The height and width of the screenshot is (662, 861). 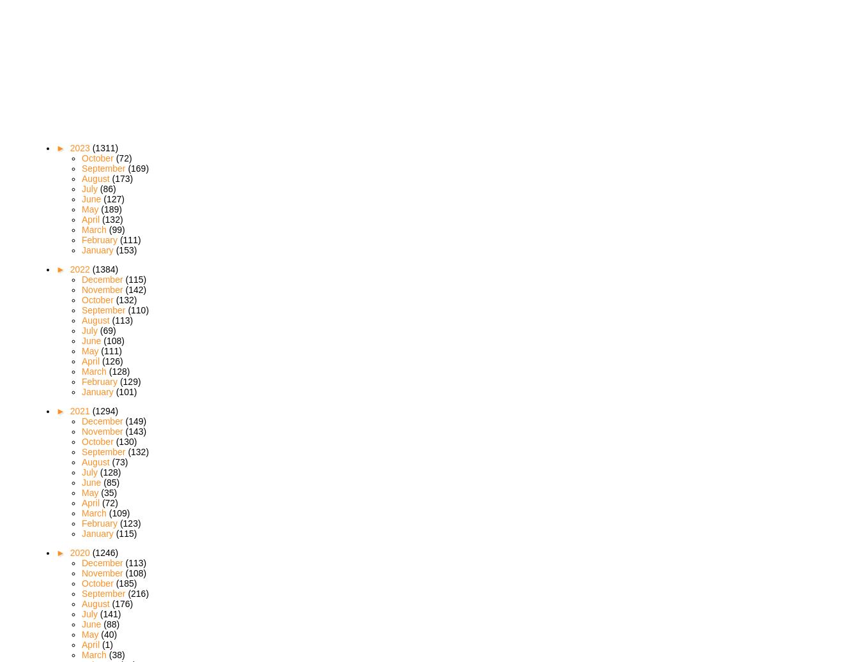 I want to click on '(35)', so click(x=100, y=492).